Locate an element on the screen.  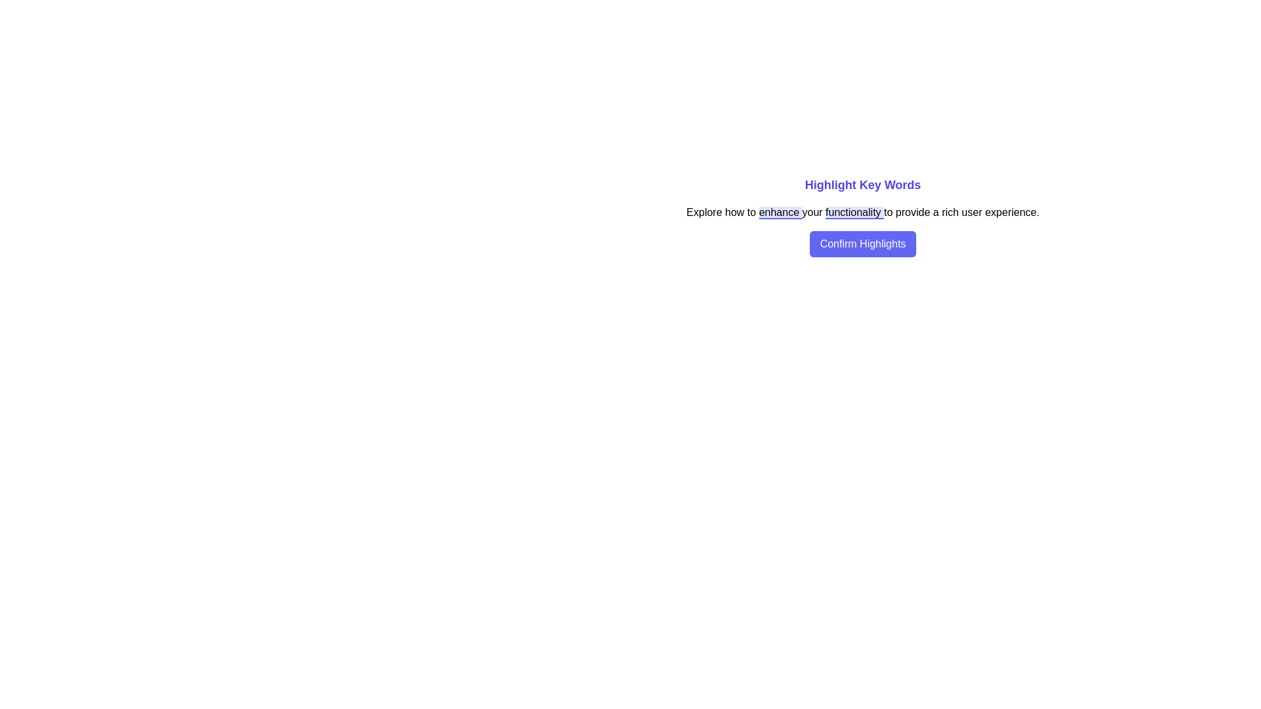
the Text Label that serves as a title or heading, positioned above descriptive text and a button labeled 'Confirm Highlights' is located at coordinates (863, 184).